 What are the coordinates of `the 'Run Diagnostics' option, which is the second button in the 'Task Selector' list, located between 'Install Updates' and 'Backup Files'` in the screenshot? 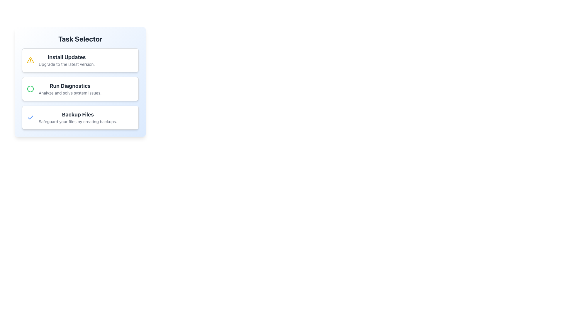 It's located at (70, 89).